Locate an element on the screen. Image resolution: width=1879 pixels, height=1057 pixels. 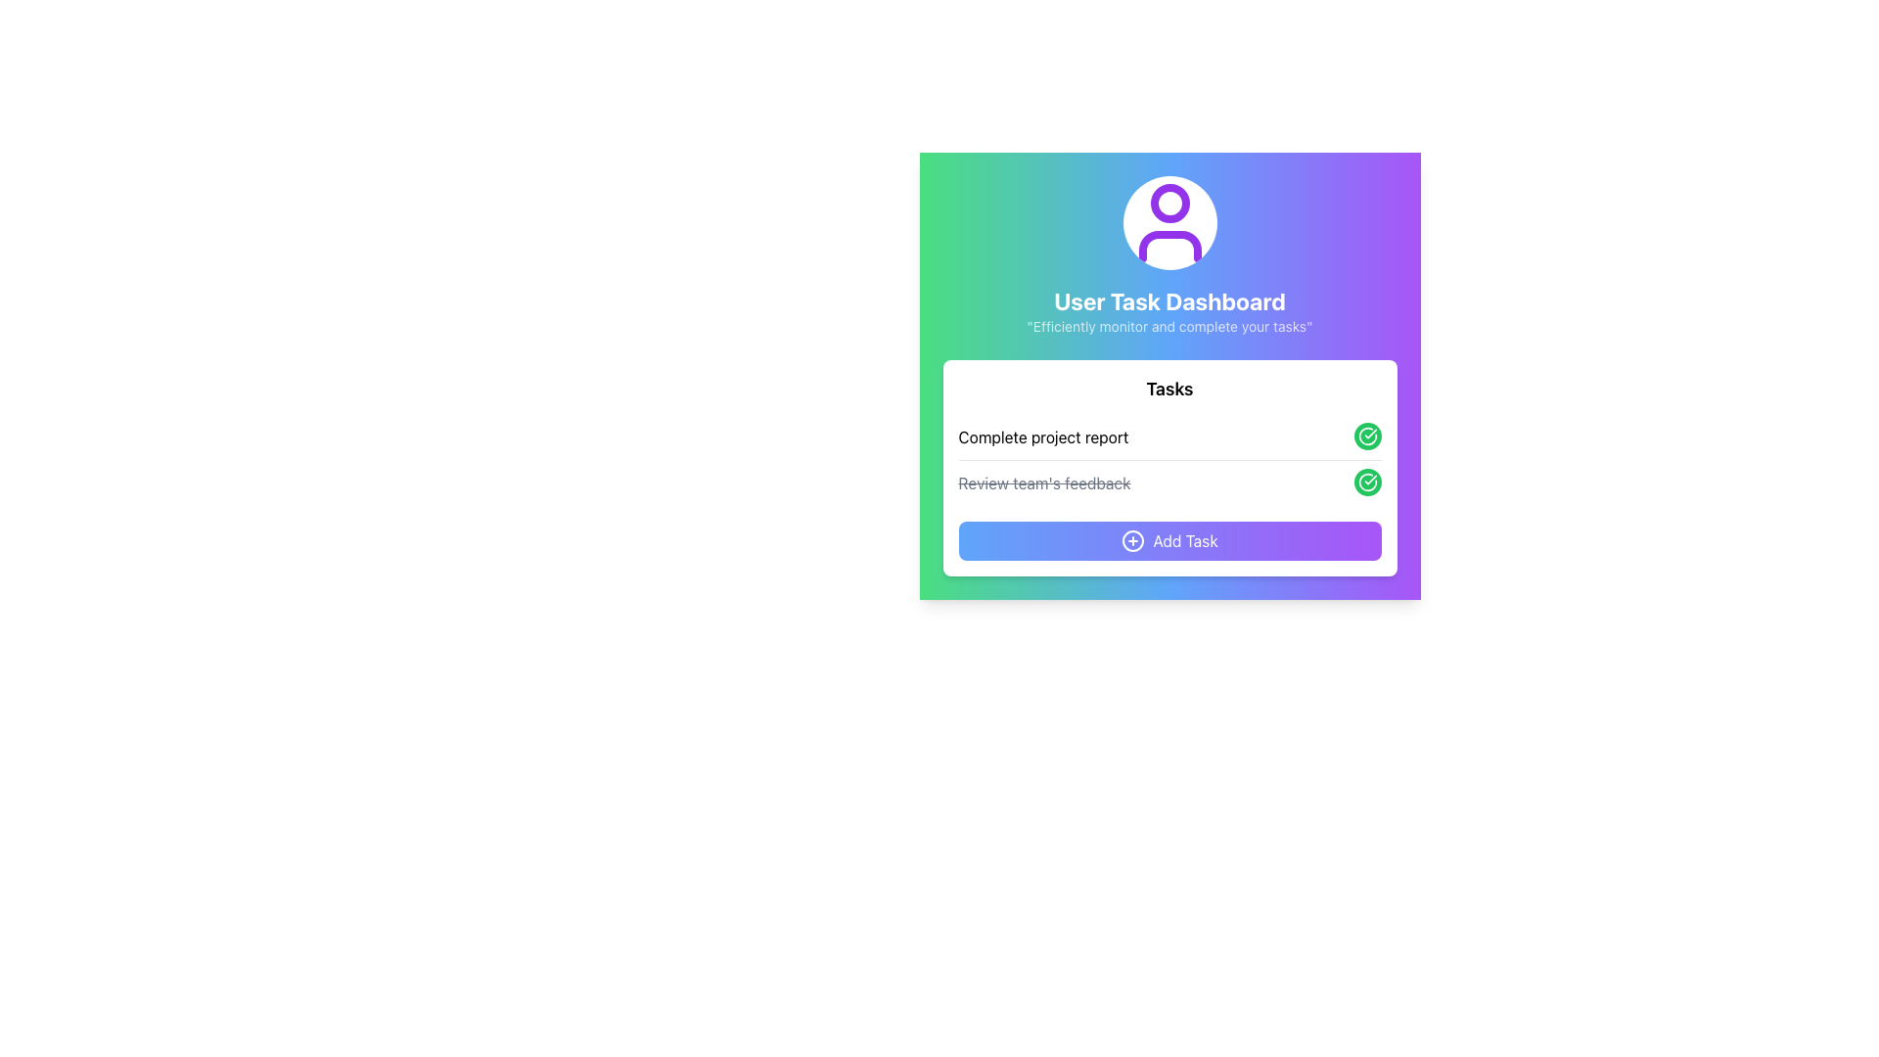
the task item labeled 'Review team's feedback' in the task management interface to indicate it is marked as done is located at coordinates (1169, 483).